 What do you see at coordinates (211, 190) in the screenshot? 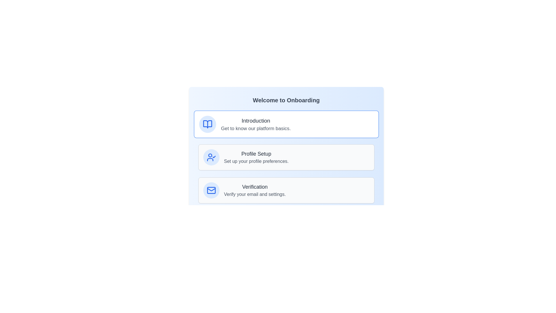
I see `the visual cue represented by the 'Verification' Icon located in the third row of the onboarding steps, positioned to the left of the text label 'Verification'` at bounding box center [211, 190].